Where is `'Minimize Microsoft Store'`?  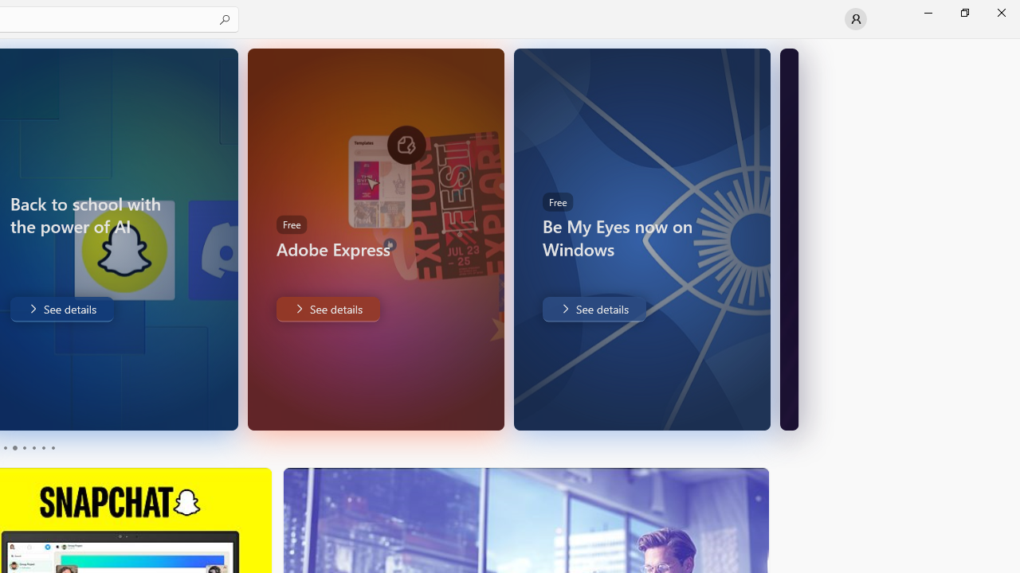 'Minimize Microsoft Store' is located at coordinates (928, 12).